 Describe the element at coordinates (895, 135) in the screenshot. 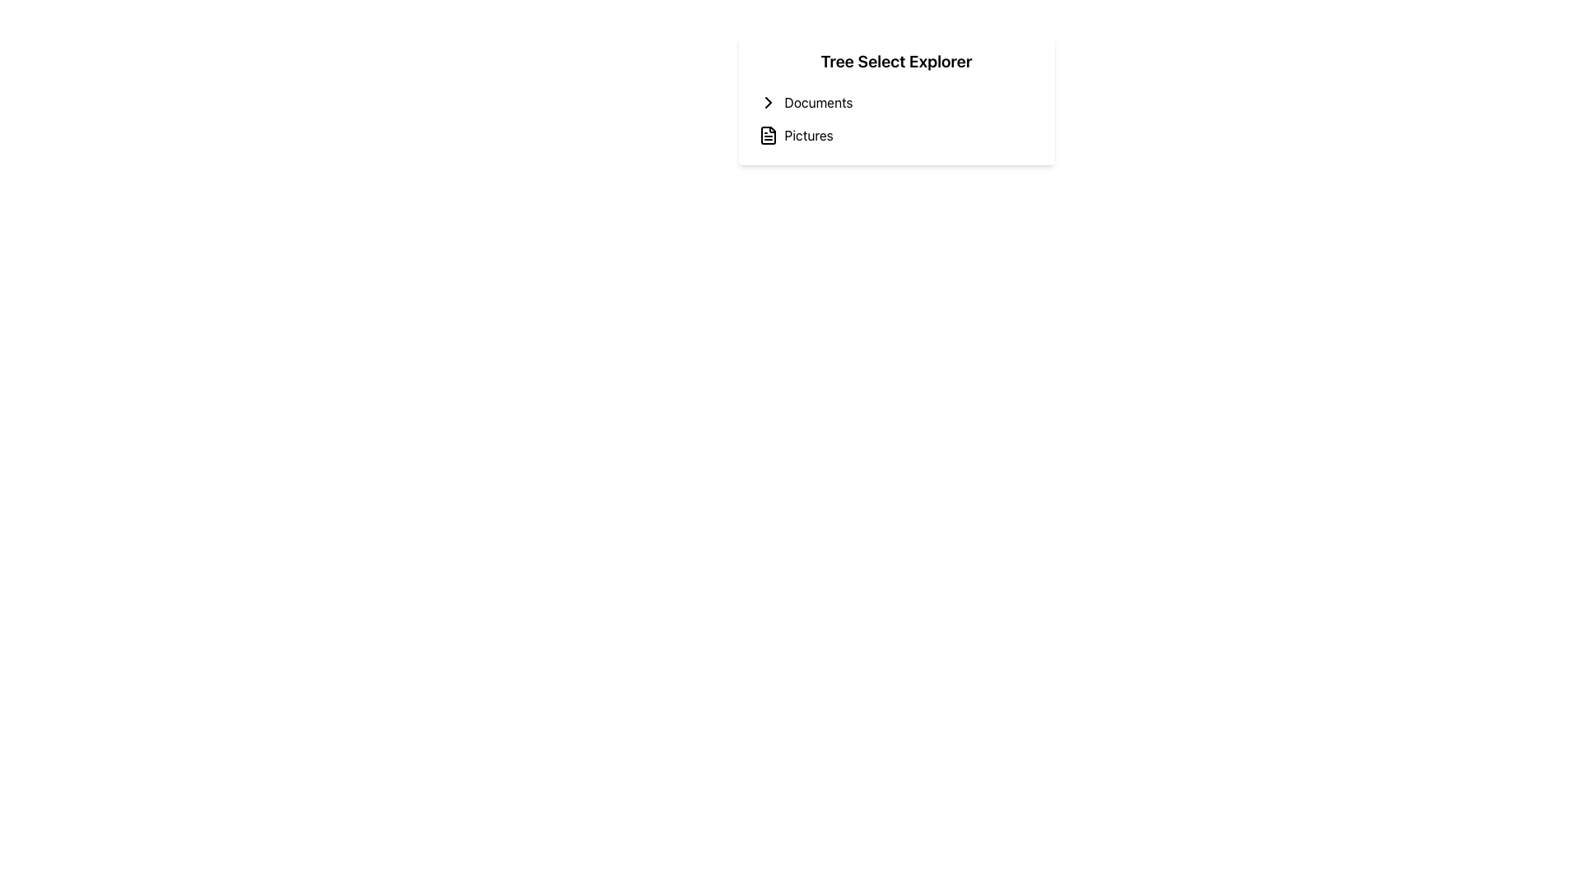

I see `the selectable Tree item labeled 'Pictures' under the 'Documents' directory` at that location.